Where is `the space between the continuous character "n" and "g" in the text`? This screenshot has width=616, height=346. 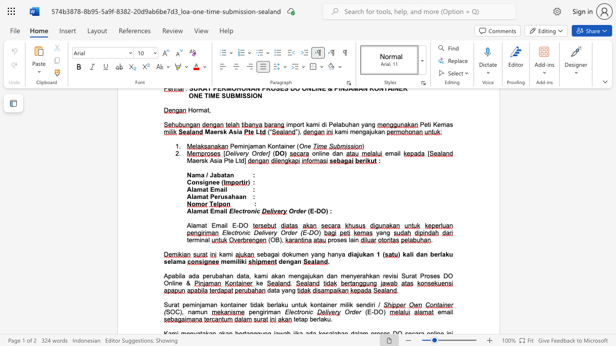 the space between the continuous character "n" and "g" in the text is located at coordinates (259, 312).